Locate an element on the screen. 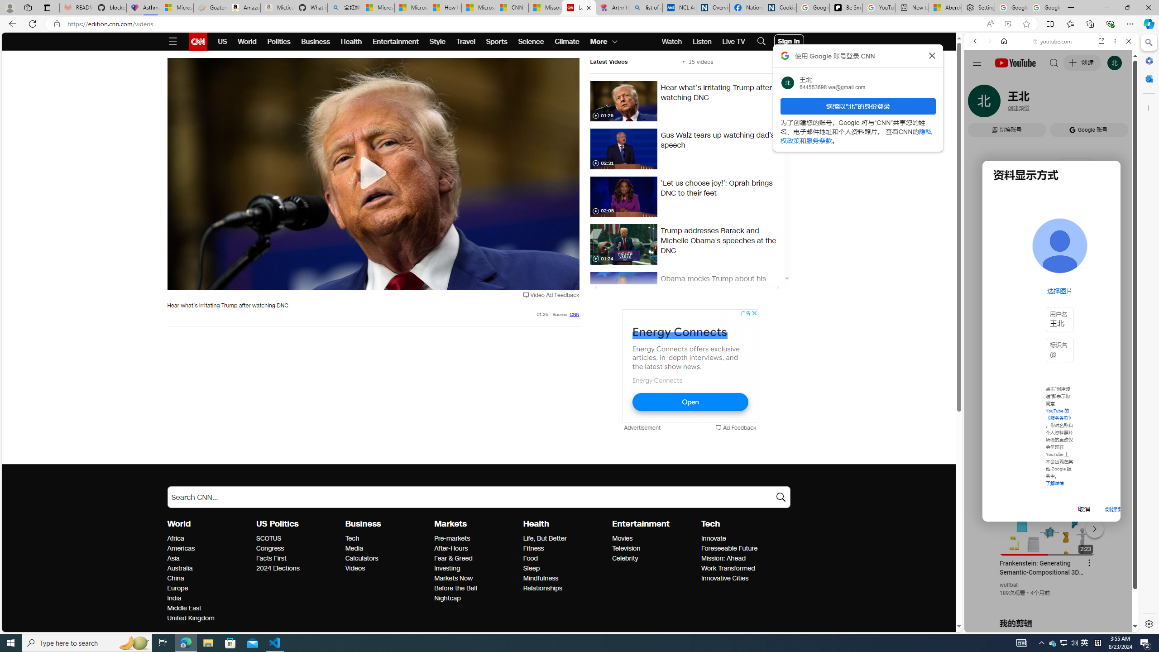 This screenshot has height=652, width=1159. 'China' is located at coordinates (209, 579).